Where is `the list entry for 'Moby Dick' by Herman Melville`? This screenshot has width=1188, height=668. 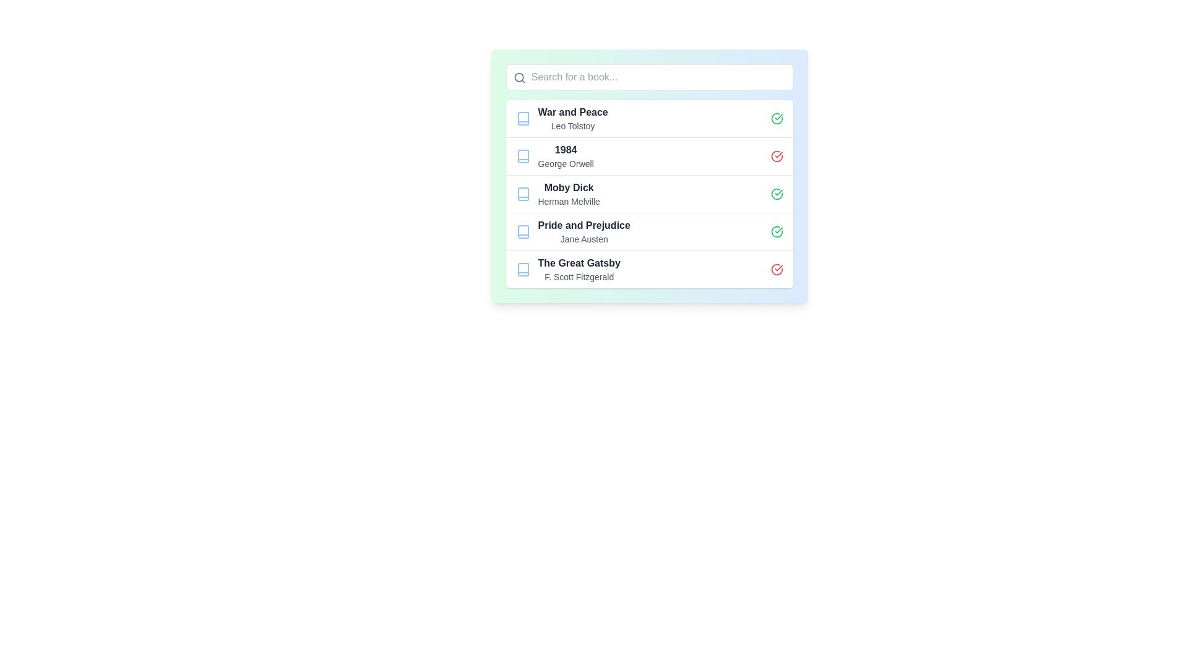 the list entry for 'Moby Dick' by Herman Melville is located at coordinates (648, 194).